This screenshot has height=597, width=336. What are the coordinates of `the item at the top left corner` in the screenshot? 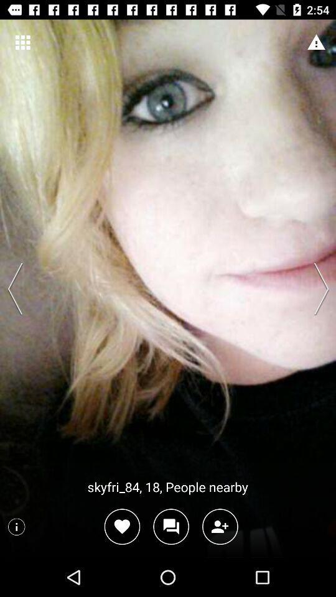 It's located at (22, 42).